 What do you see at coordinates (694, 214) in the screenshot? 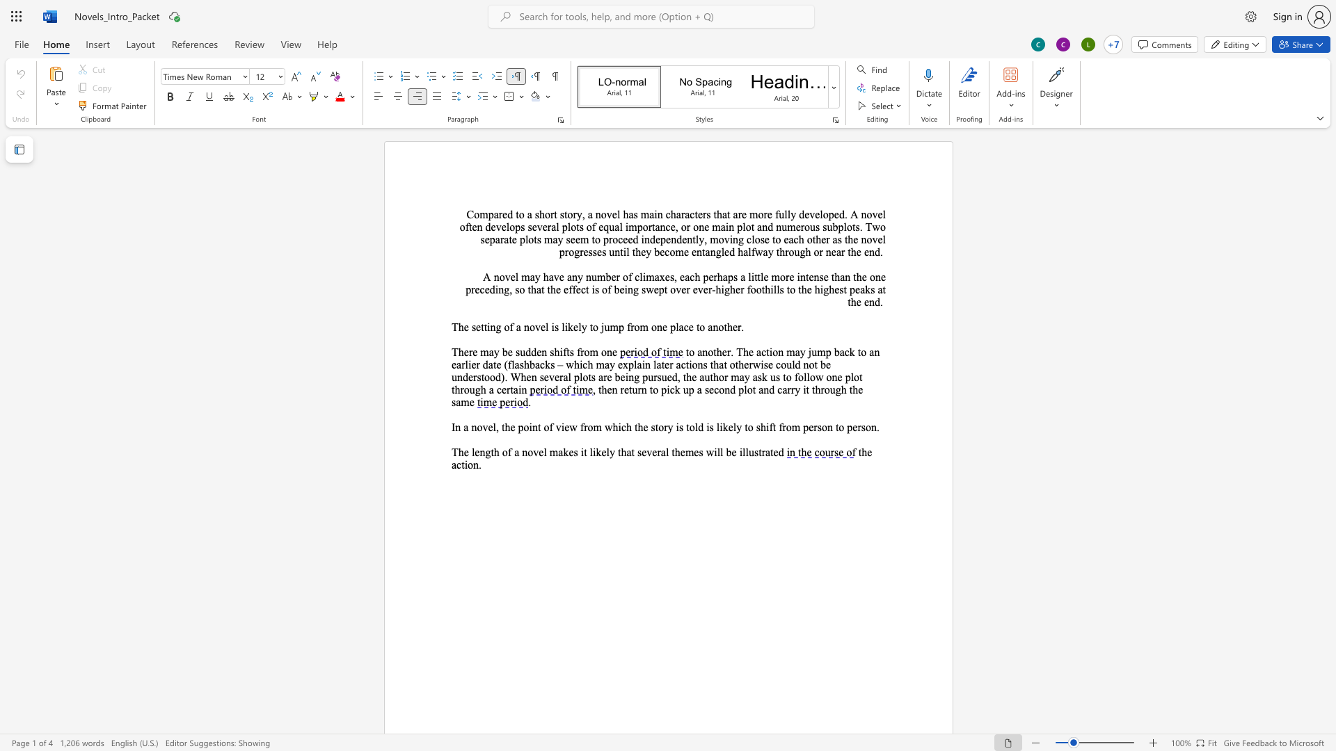
I see `the space between the continuous character "c" and "t" in the text` at bounding box center [694, 214].